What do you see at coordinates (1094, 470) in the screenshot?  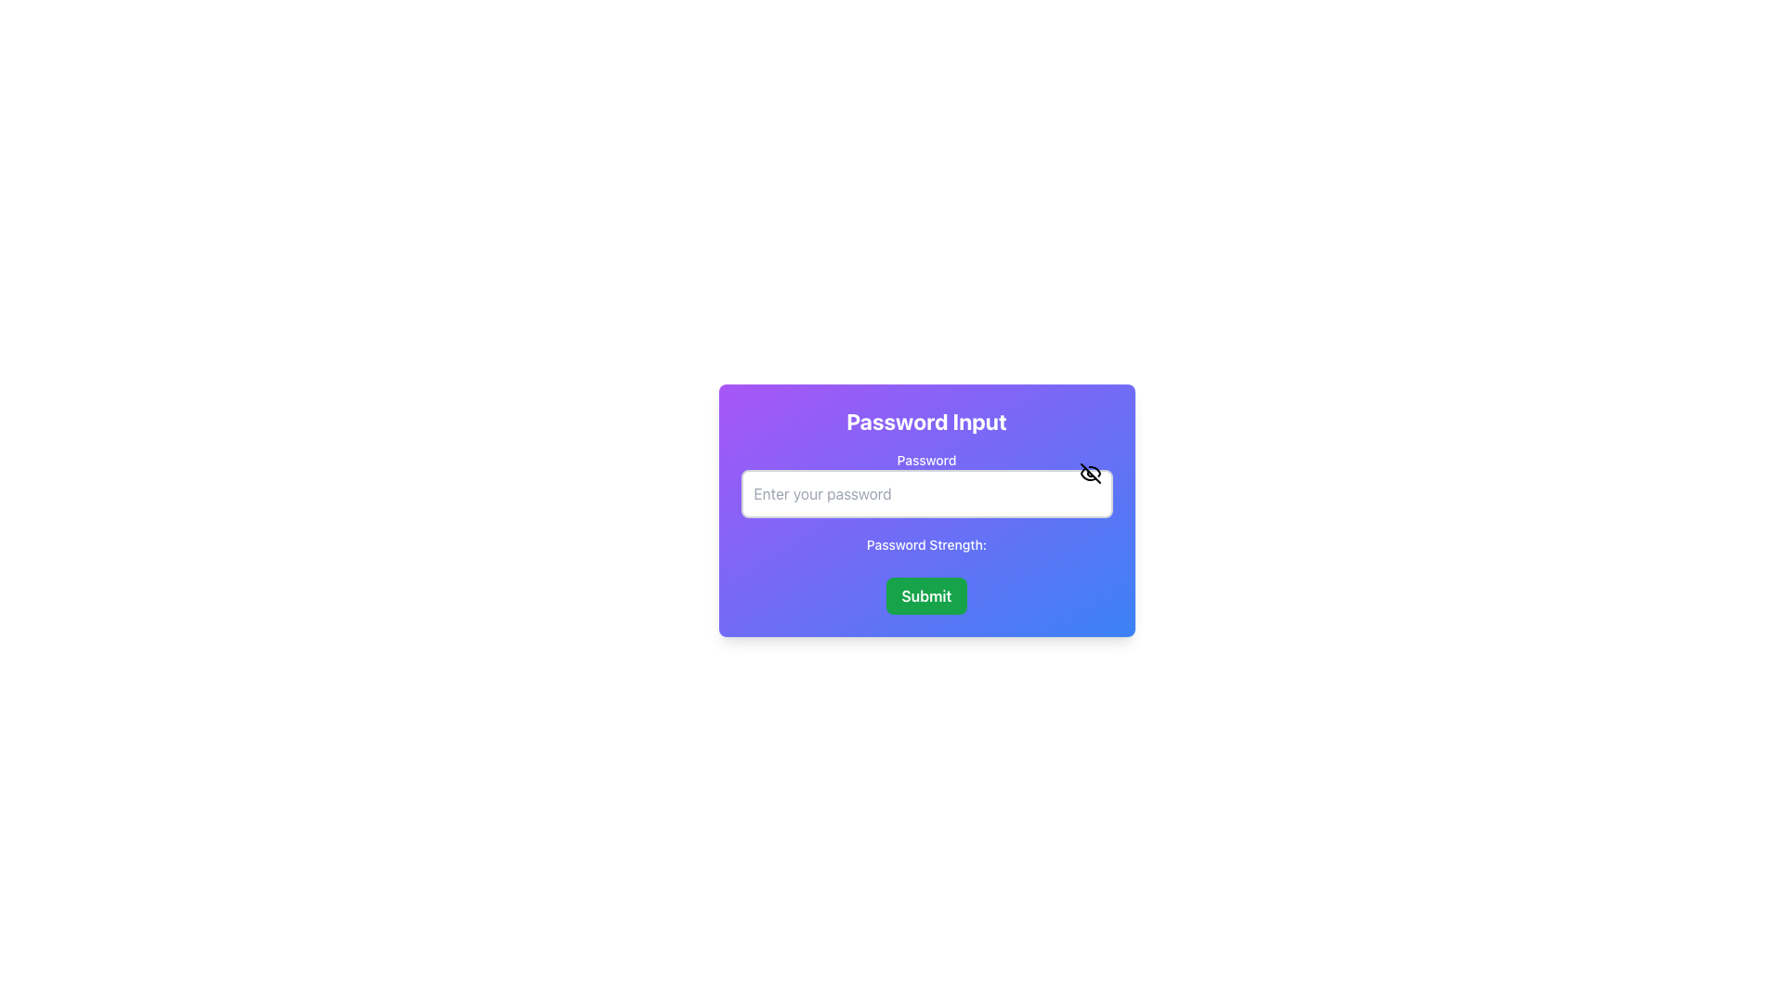 I see `the primary curved line of the eye-slash icon indicating hidden password functionality, located at the right end of the password input field` at bounding box center [1094, 470].